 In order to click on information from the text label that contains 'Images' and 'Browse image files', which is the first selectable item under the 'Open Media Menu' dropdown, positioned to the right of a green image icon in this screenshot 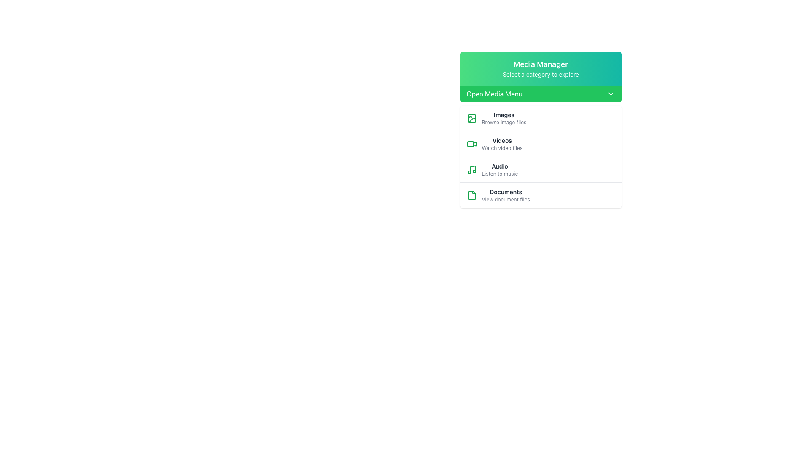, I will do `click(504, 118)`.